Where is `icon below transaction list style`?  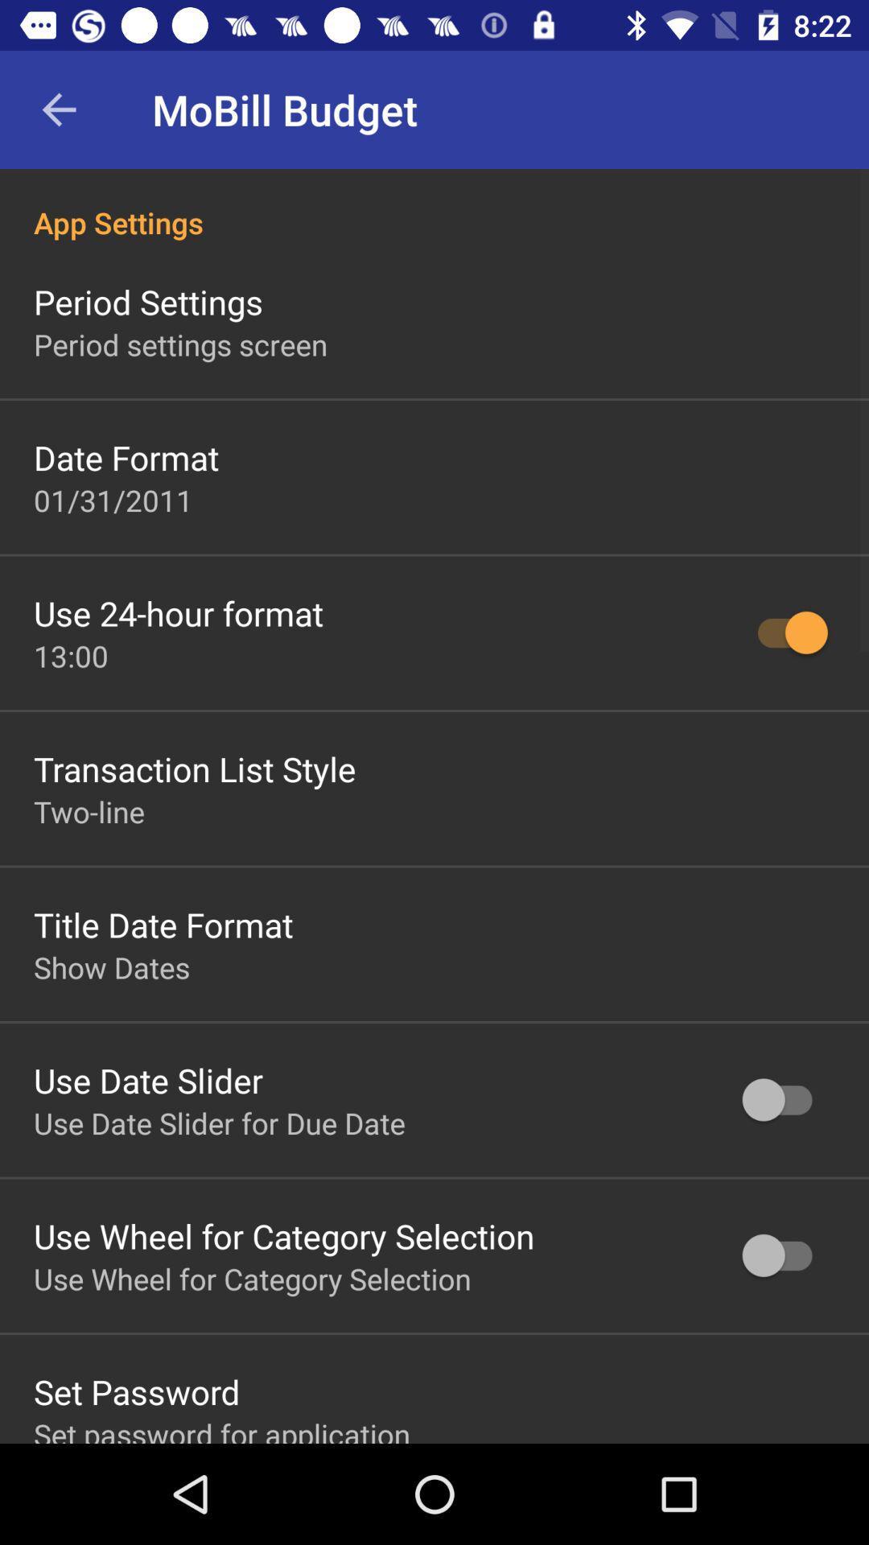 icon below transaction list style is located at coordinates (89, 811).